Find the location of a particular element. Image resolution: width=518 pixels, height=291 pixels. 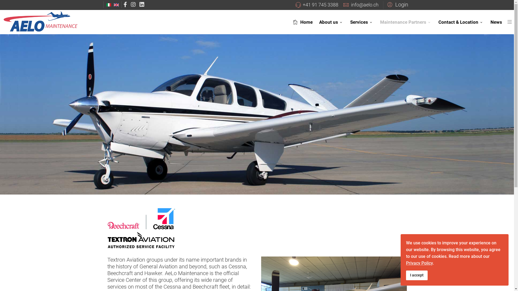

'News' is located at coordinates (496, 22).